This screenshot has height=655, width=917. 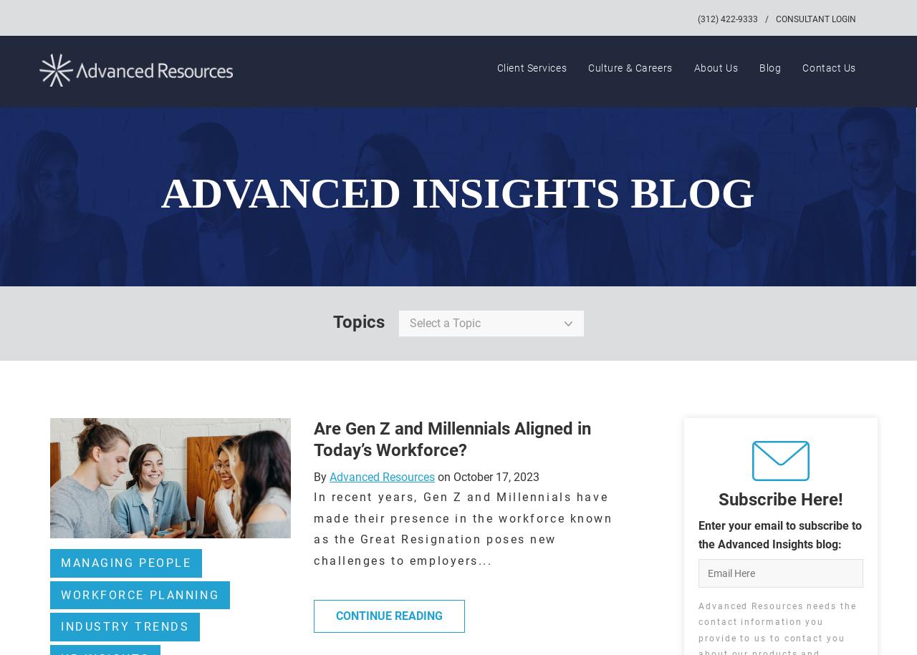 I want to click on 'Advanced Resources', so click(x=381, y=476).